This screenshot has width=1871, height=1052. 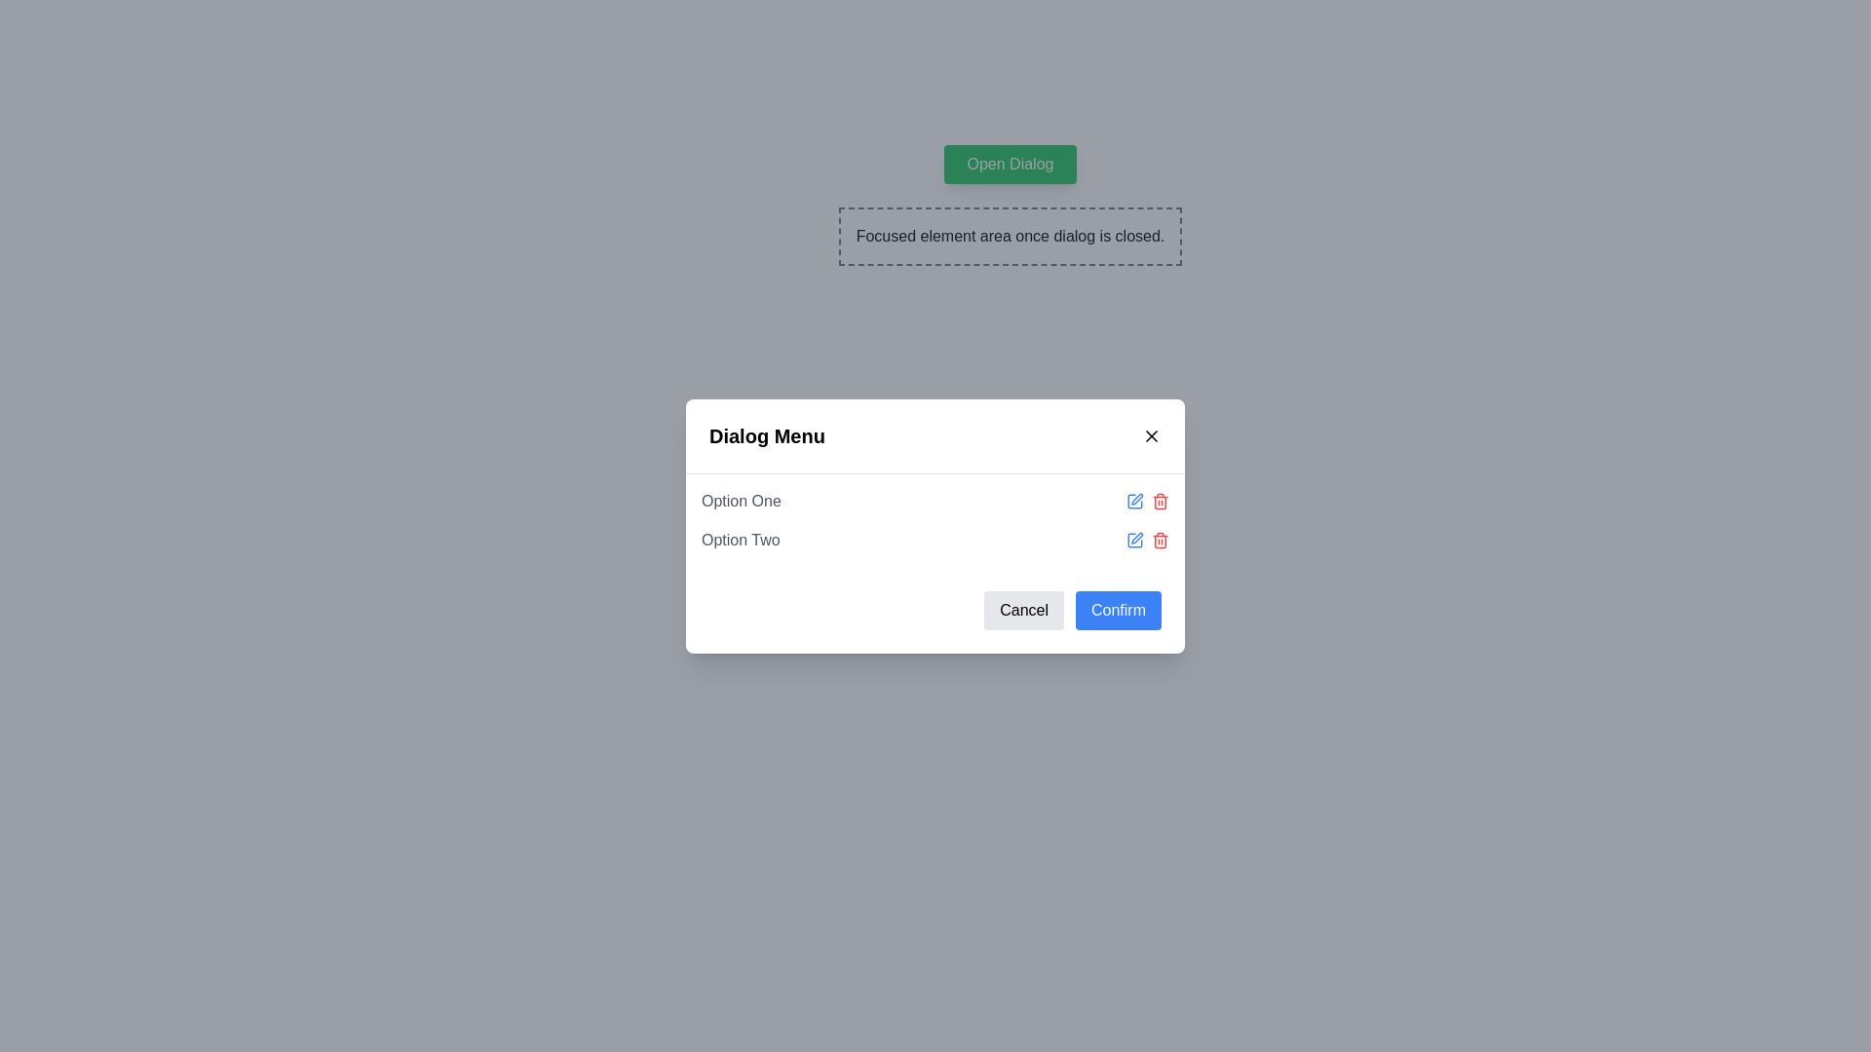 I want to click on the edit button icon for 'Option One' to interact, so click(x=1135, y=499).